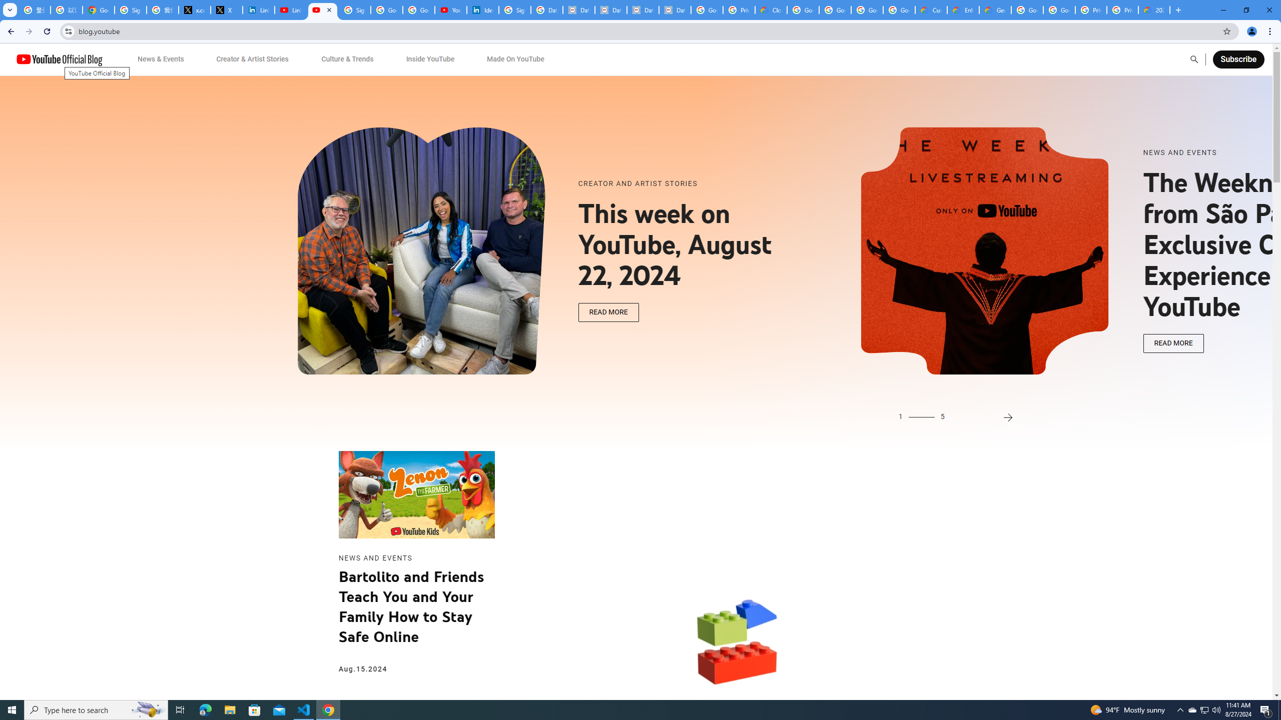 This screenshot has width=1281, height=720. I want to click on 'Cloud Data Processing Addendum | Google Cloud', so click(771, 9).